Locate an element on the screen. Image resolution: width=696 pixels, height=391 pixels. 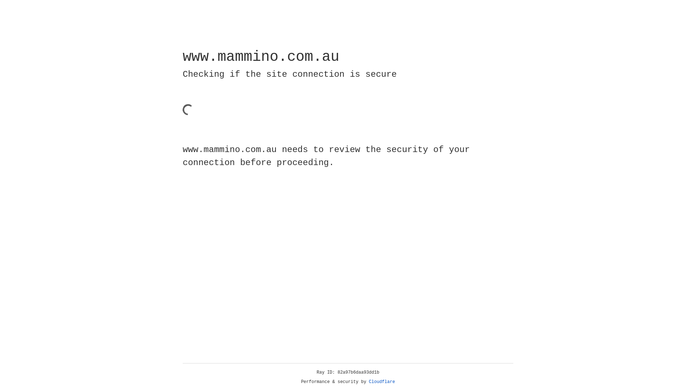
'Cloudflare' is located at coordinates (382, 382).